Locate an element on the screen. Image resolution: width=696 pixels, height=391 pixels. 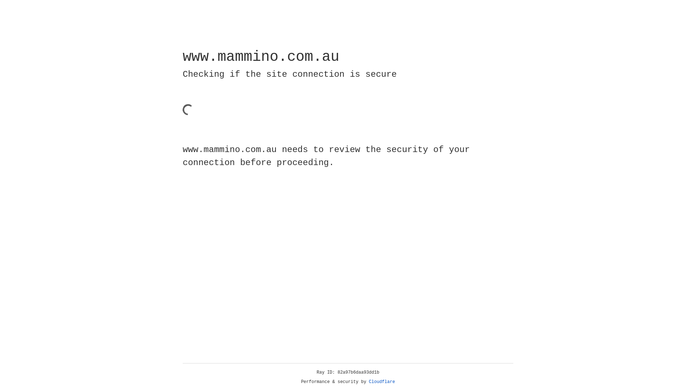
'Cloudflare' is located at coordinates (382, 382).